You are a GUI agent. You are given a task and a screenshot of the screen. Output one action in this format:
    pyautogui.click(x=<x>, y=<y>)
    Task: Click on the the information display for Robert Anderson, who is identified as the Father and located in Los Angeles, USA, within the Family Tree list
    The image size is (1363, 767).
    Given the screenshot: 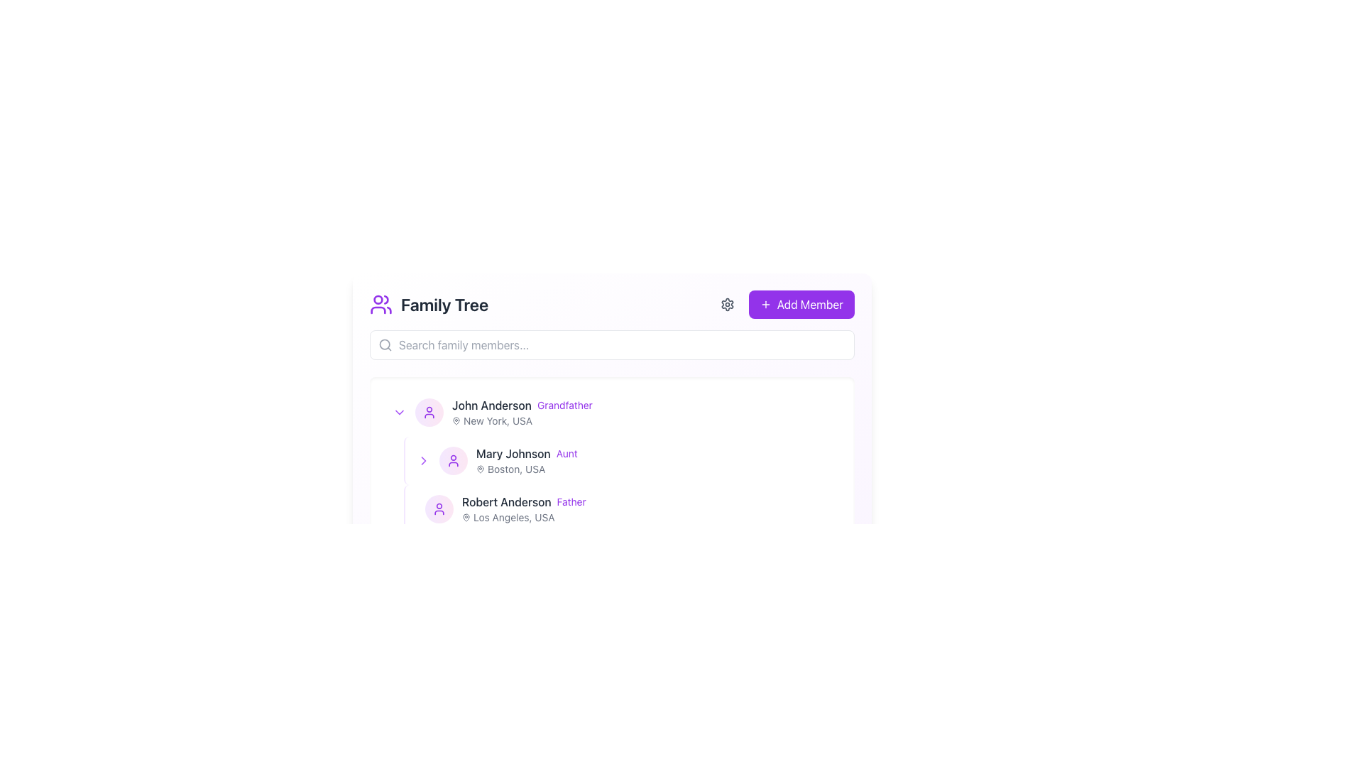 What is the action you would take?
    pyautogui.click(x=647, y=508)
    